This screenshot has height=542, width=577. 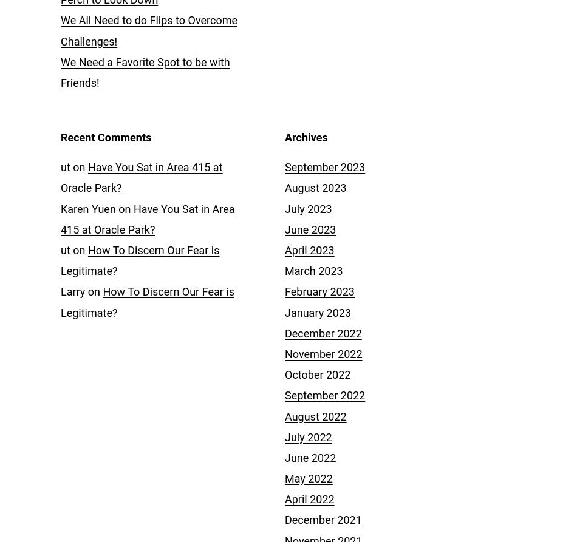 What do you see at coordinates (106, 137) in the screenshot?
I see `'Recent Comments'` at bounding box center [106, 137].